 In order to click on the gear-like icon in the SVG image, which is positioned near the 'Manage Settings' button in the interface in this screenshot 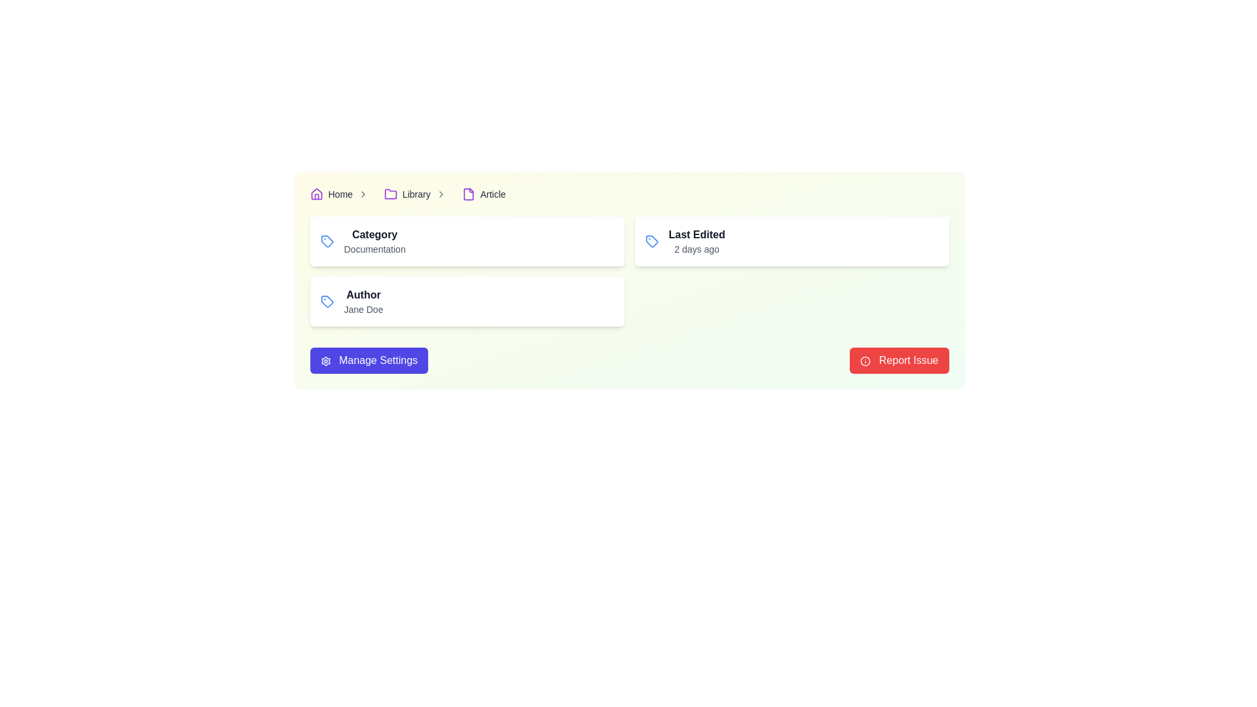, I will do `click(325, 361)`.